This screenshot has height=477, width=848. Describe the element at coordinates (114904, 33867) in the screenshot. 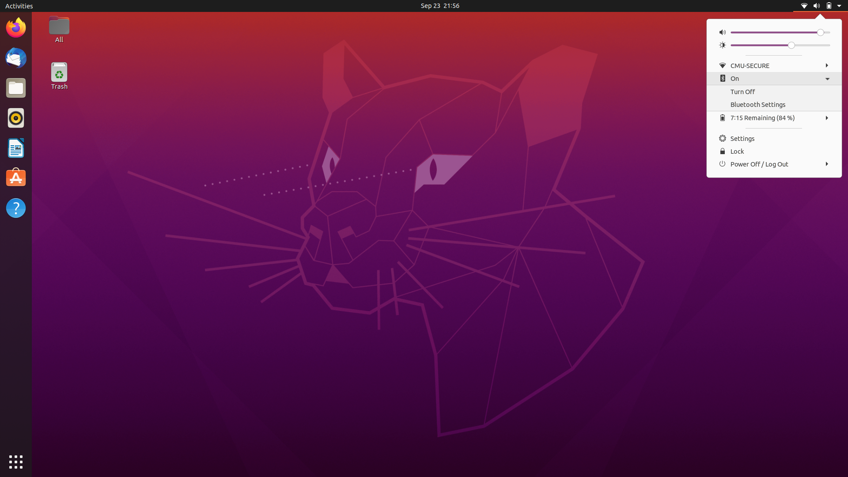

I see `Erase the directory` at that location.